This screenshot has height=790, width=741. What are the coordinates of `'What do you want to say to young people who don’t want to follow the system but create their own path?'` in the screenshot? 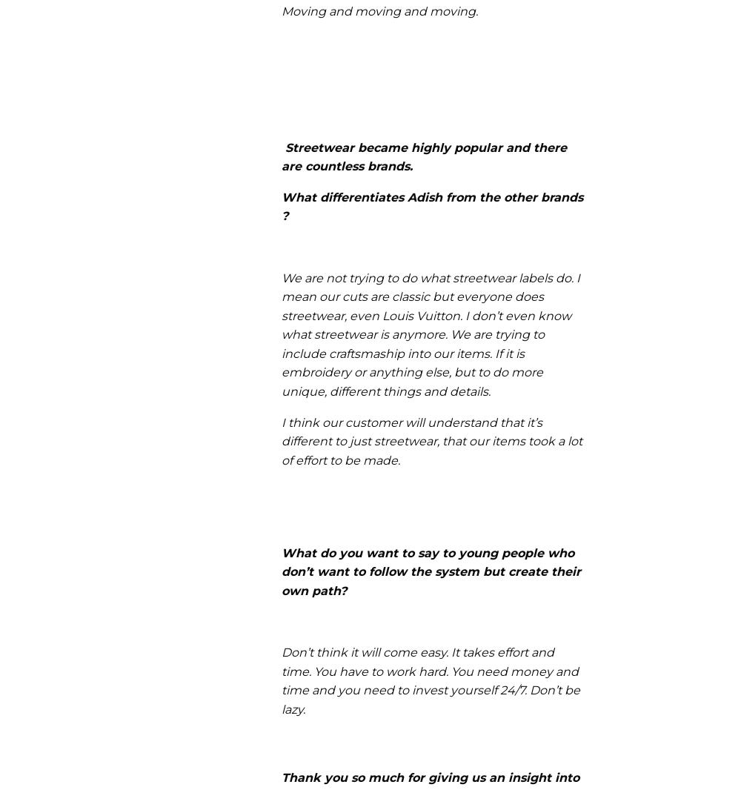 It's located at (431, 571).